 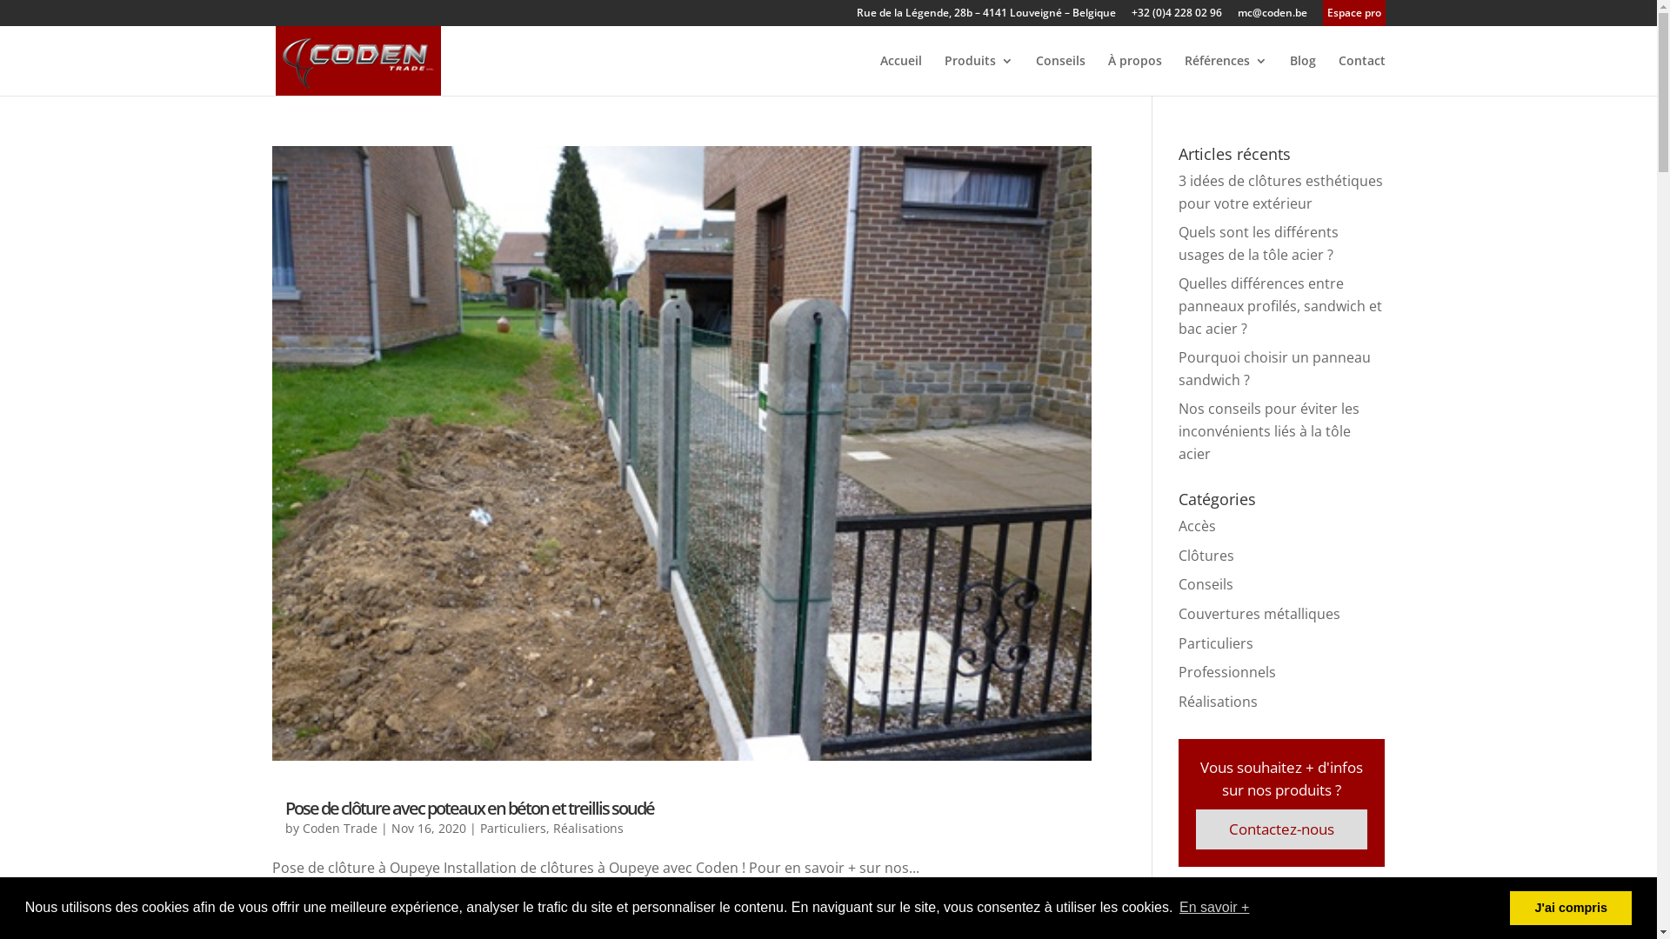 What do you see at coordinates (339, 827) in the screenshot?
I see `'Coden Trade'` at bounding box center [339, 827].